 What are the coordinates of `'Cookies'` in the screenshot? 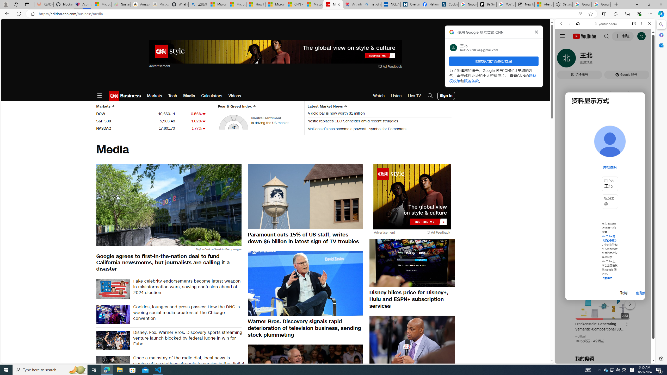 It's located at (448, 4).